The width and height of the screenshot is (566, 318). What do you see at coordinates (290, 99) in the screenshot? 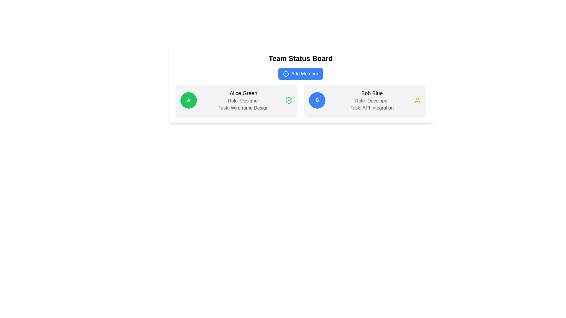
I see `the checkmark icon indicating 'verified' status located in the upper-right corner of the card associated with 'Alice Green'` at bounding box center [290, 99].